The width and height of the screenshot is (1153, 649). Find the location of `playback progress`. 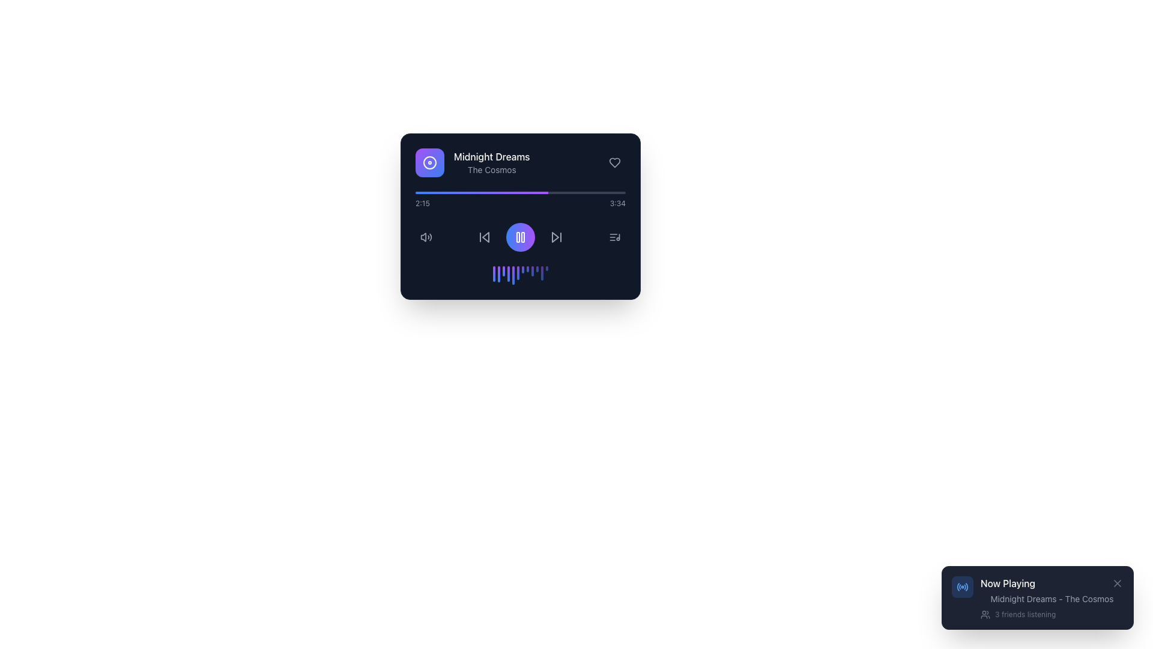

playback progress is located at coordinates (436, 192).